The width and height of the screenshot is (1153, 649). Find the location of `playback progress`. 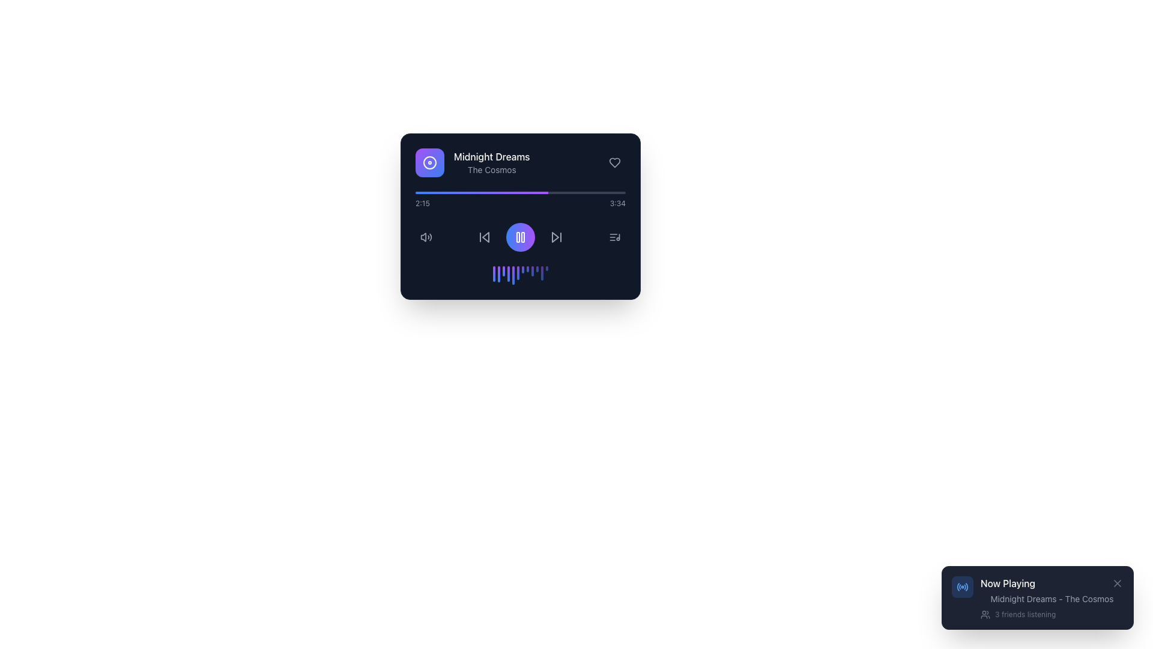

playback progress is located at coordinates (436, 192).